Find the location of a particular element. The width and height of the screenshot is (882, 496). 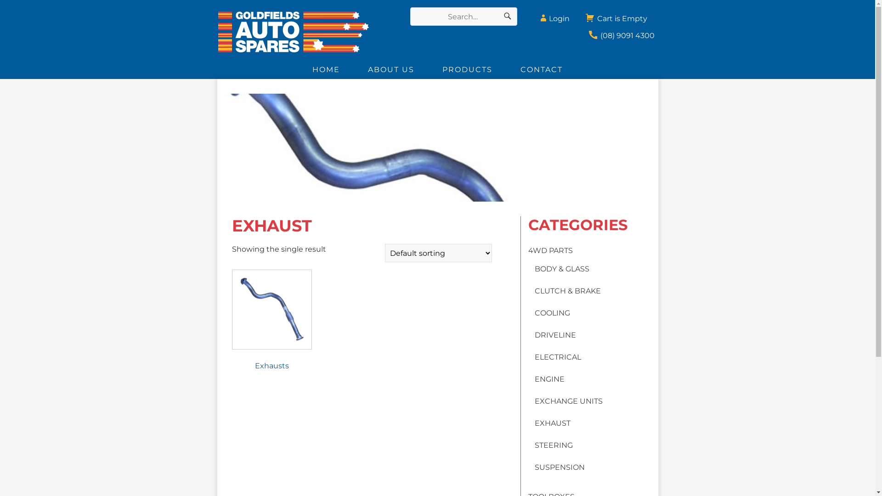

'SUSPENSION' is located at coordinates (534, 467).